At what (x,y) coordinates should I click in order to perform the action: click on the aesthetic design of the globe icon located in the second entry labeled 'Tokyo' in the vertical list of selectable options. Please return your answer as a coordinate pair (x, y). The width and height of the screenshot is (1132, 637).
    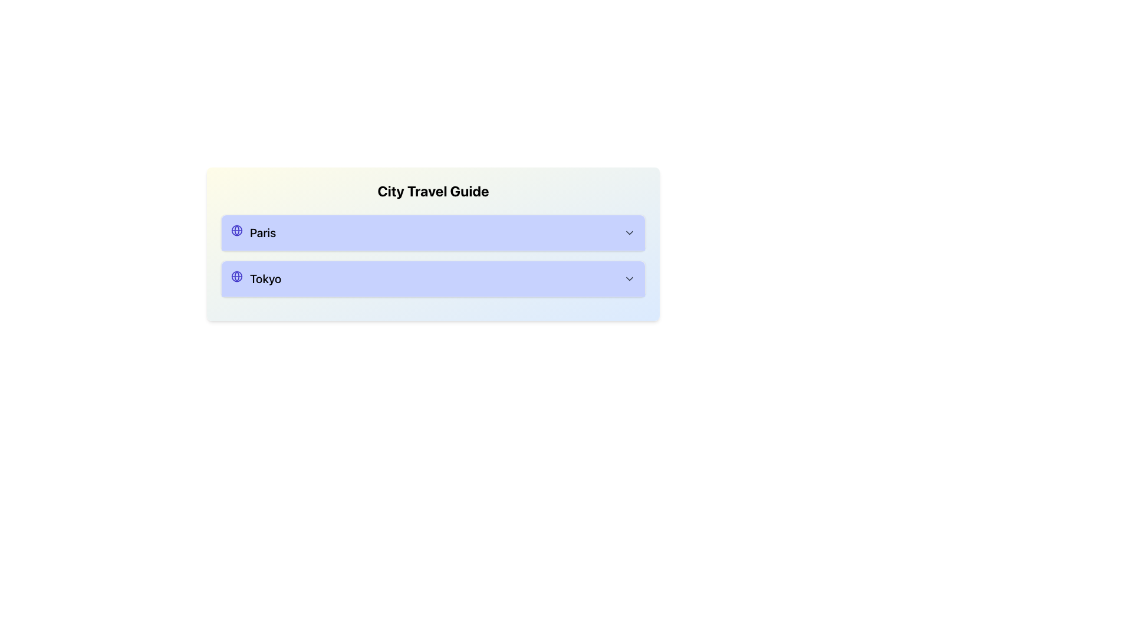
    Looking at the image, I should click on (236, 277).